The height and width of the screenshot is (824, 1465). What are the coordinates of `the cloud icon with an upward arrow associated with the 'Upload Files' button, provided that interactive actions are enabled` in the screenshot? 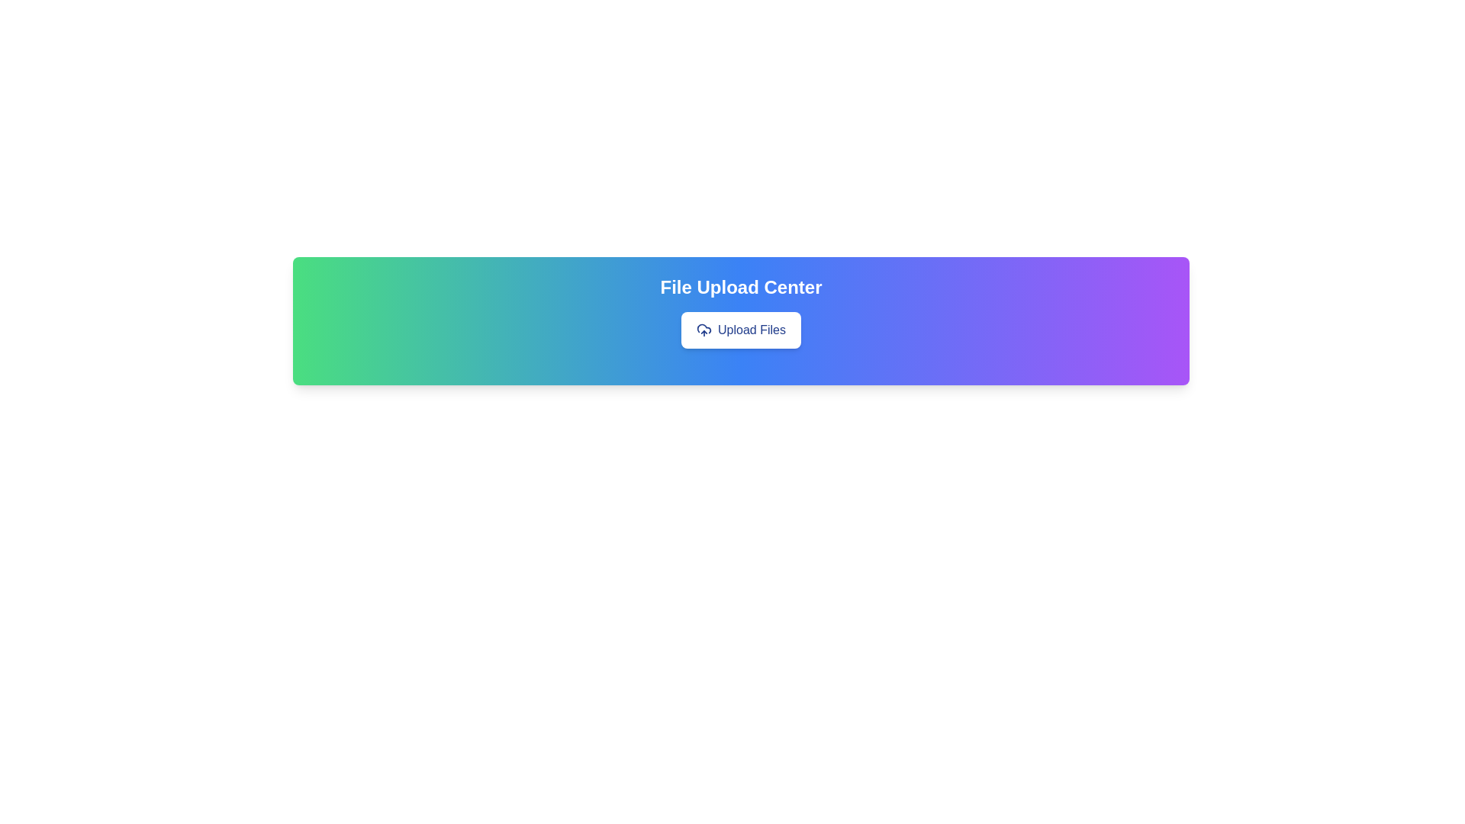 It's located at (703, 329).